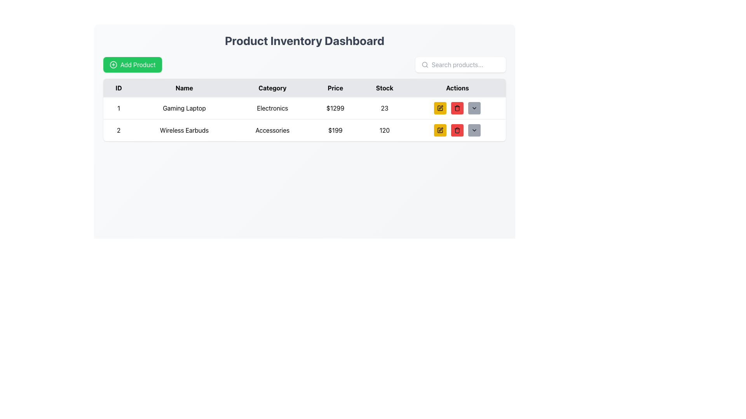  I want to click on the edit SVG icon located in the first row of the table under the 'Actions' column, which is part of a yellow button, so click(441, 107).